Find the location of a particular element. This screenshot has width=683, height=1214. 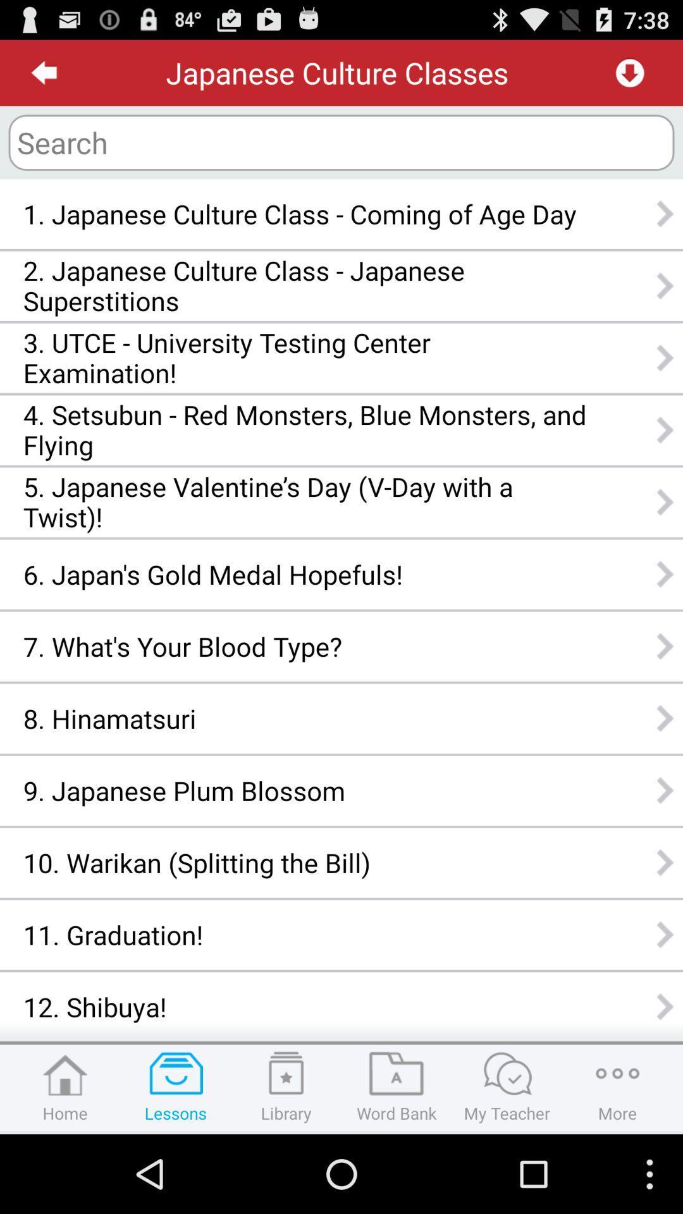

the app below the 10 warikan splitting item is located at coordinates (305, 935).